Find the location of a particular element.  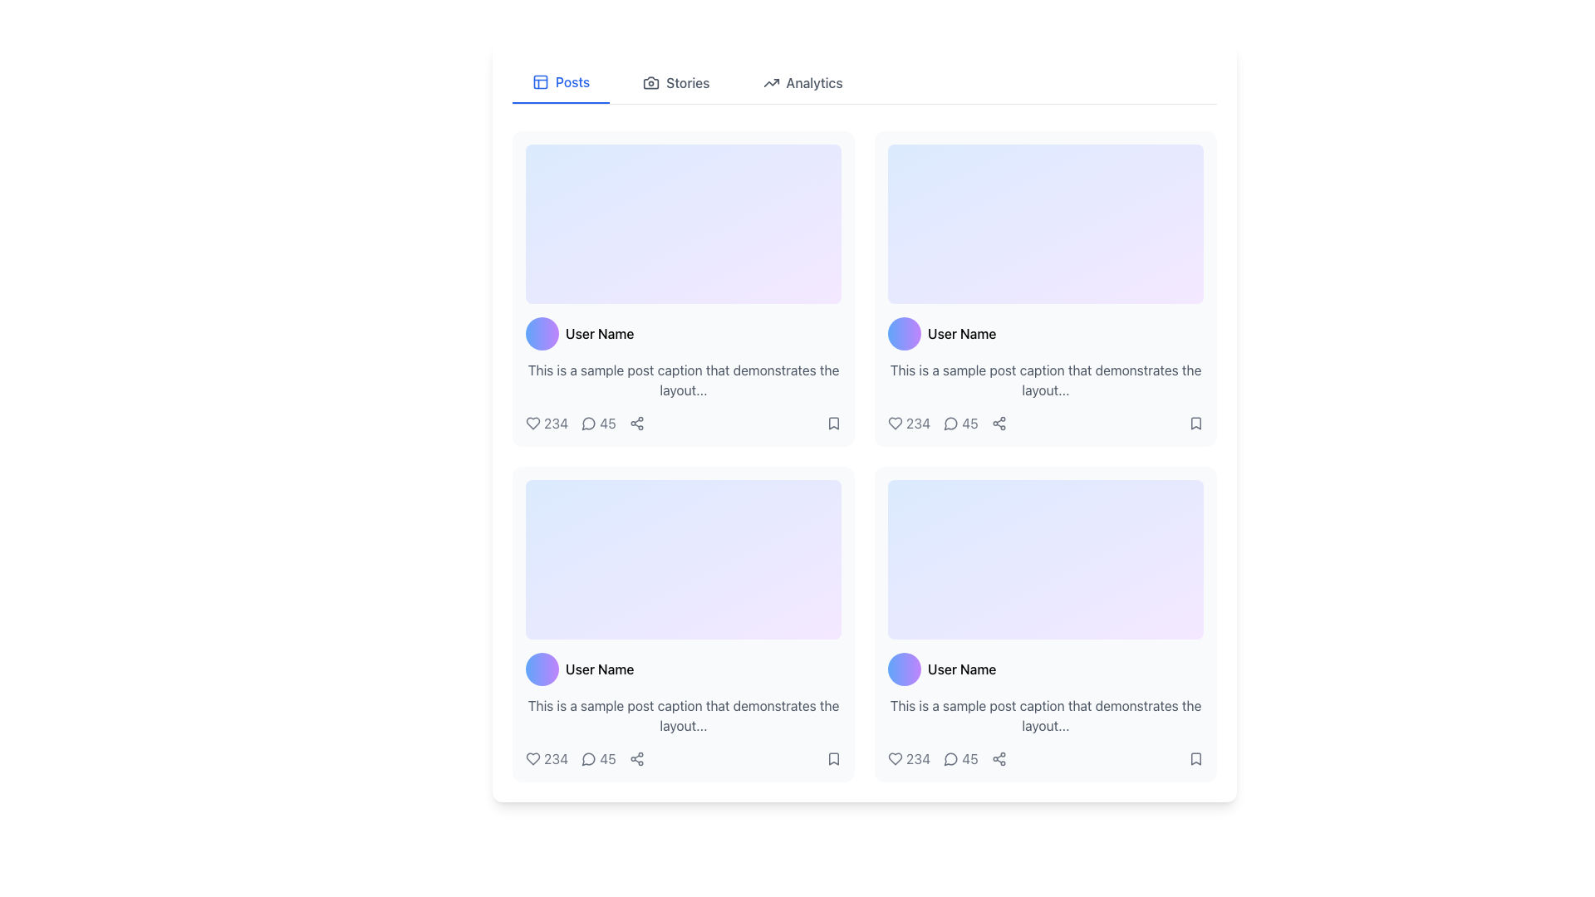

the camera icon located in the header navigation bar, adjacent to the 'Stories' text is located at coordinates (650, 83).